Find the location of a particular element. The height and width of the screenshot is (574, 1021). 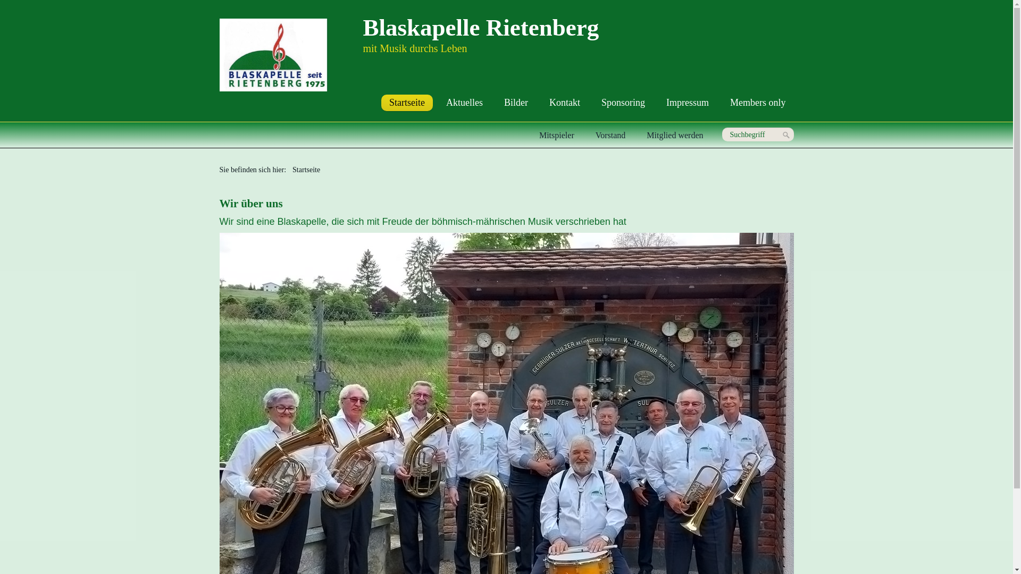

'Aktuelles' is located at coordinates (464, 103).